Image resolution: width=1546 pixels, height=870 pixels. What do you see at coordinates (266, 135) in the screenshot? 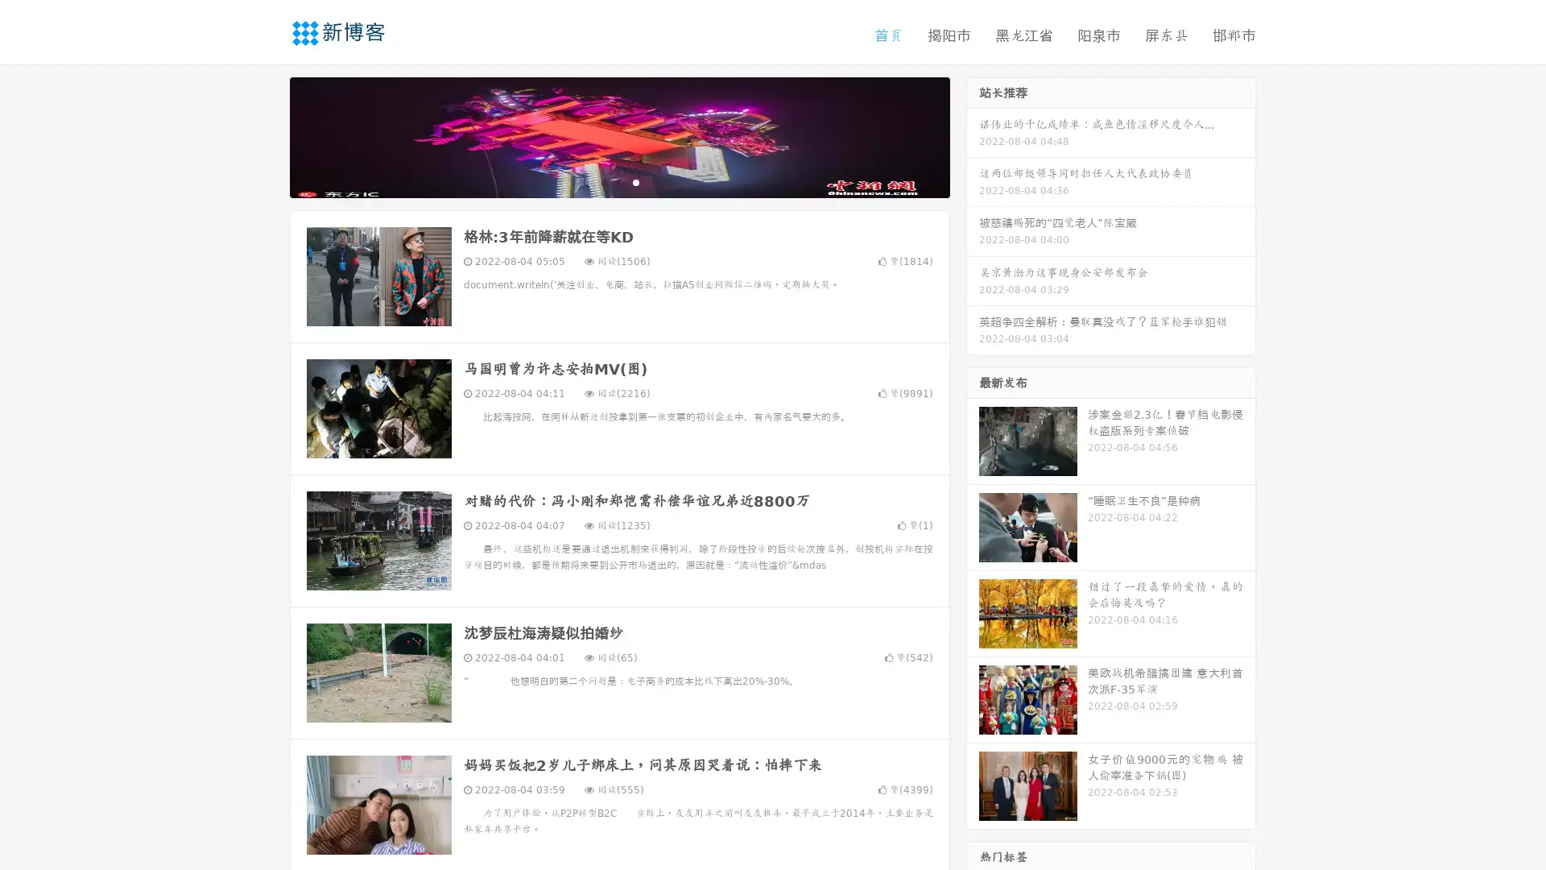
I see `Previous slide` at bounding box center [266, 135].